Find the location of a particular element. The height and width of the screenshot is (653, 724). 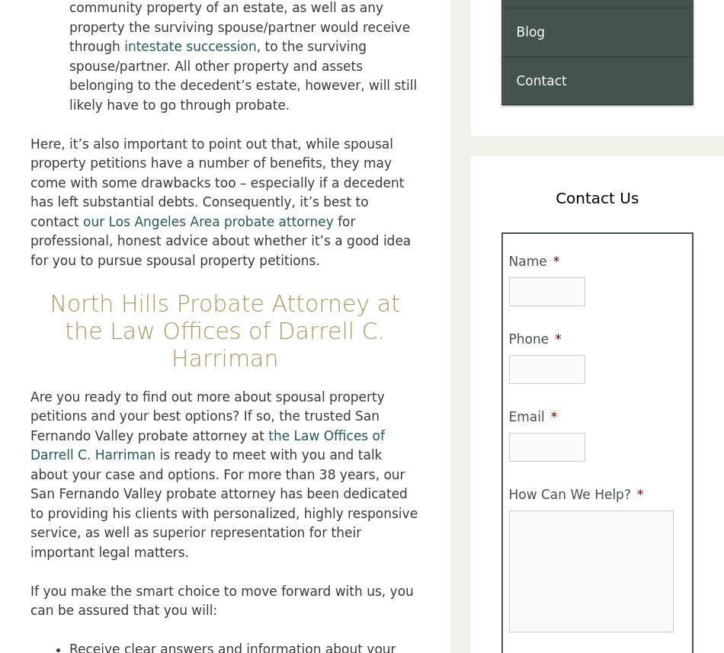

'How Can We Help?' is located at coordinates (508, 493).